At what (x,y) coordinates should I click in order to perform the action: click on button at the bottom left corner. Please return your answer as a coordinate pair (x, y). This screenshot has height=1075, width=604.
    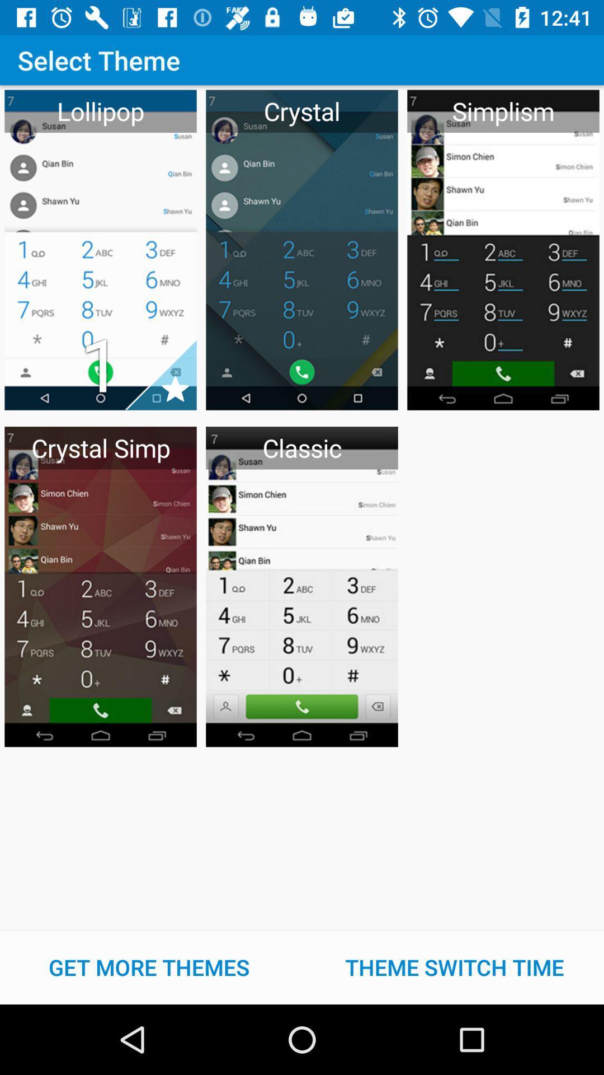
    Looking at the image, I should click on (148, 967).